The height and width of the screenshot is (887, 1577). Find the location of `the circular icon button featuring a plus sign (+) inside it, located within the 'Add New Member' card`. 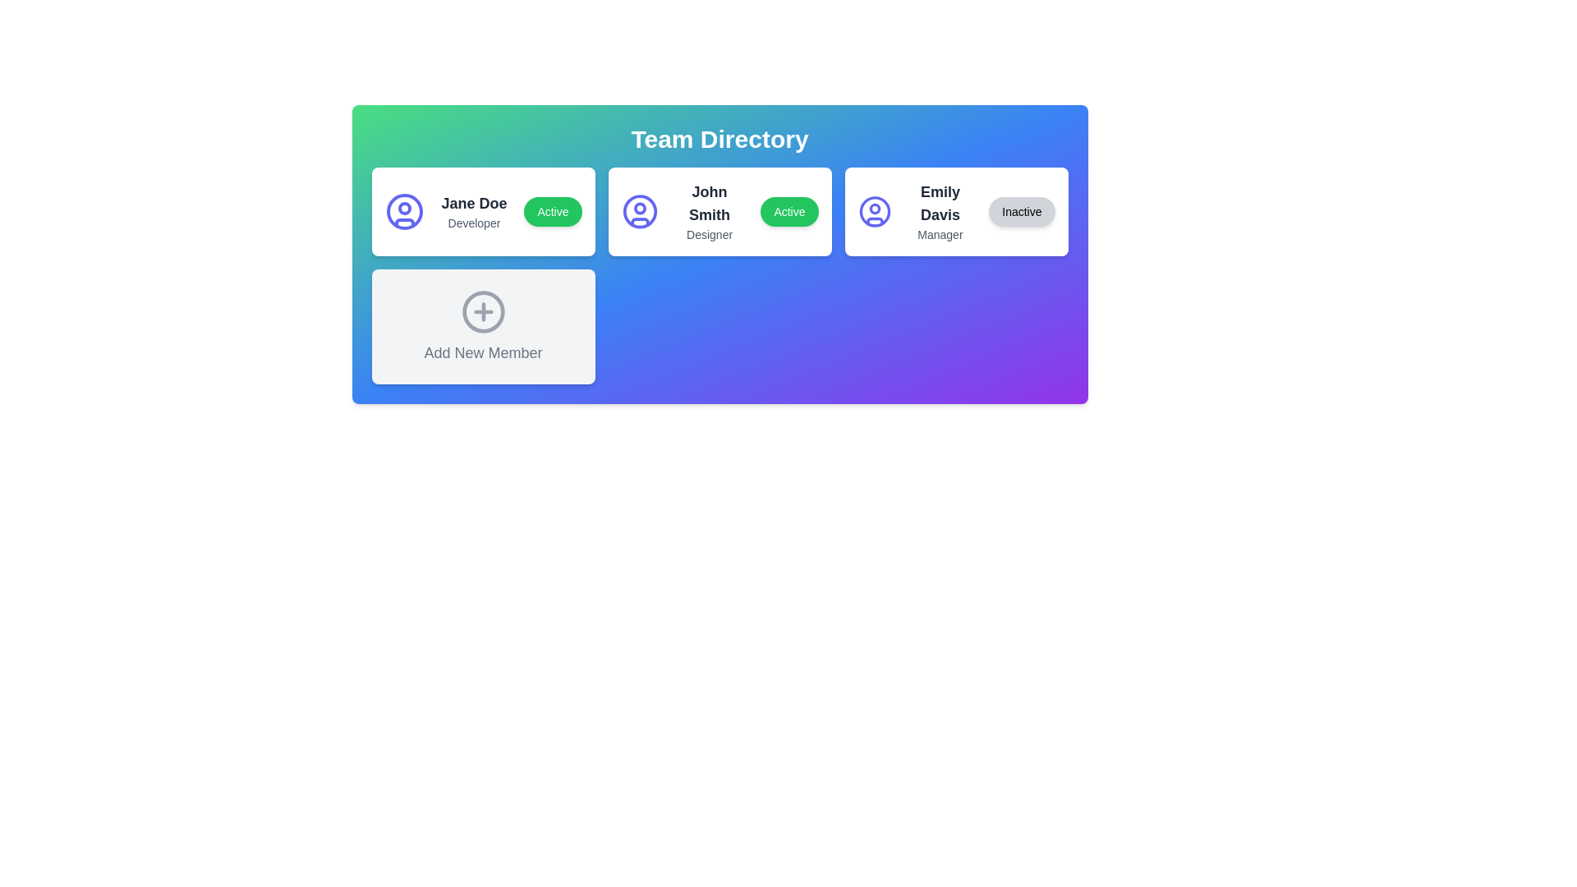

the circular icon button featuring a plus sign (+) inside it, located within the 'Add New Member' card is located at coordinates (482, 312).